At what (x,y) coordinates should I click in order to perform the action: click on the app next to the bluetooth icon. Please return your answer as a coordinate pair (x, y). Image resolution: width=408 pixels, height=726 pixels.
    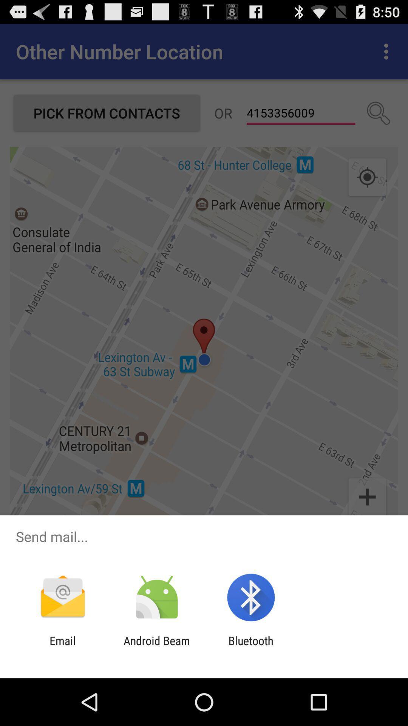
    Looking at the image, I should click on (156, 647).